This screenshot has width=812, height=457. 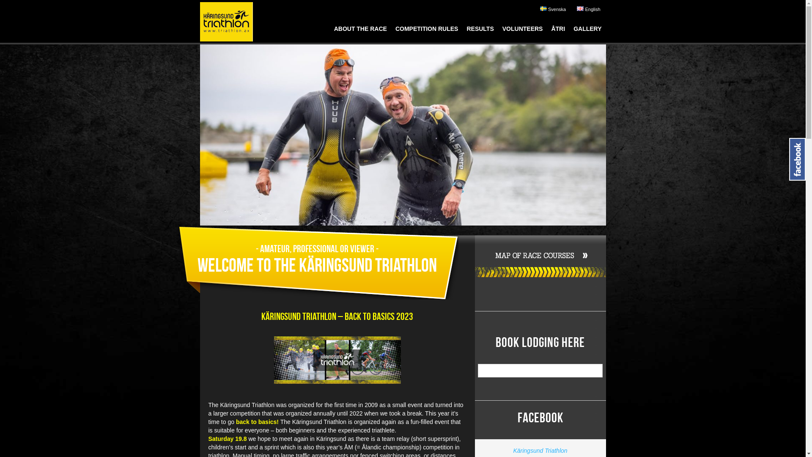 I want to click on 'COMPETITION RULES', so click(x=427, y=31).